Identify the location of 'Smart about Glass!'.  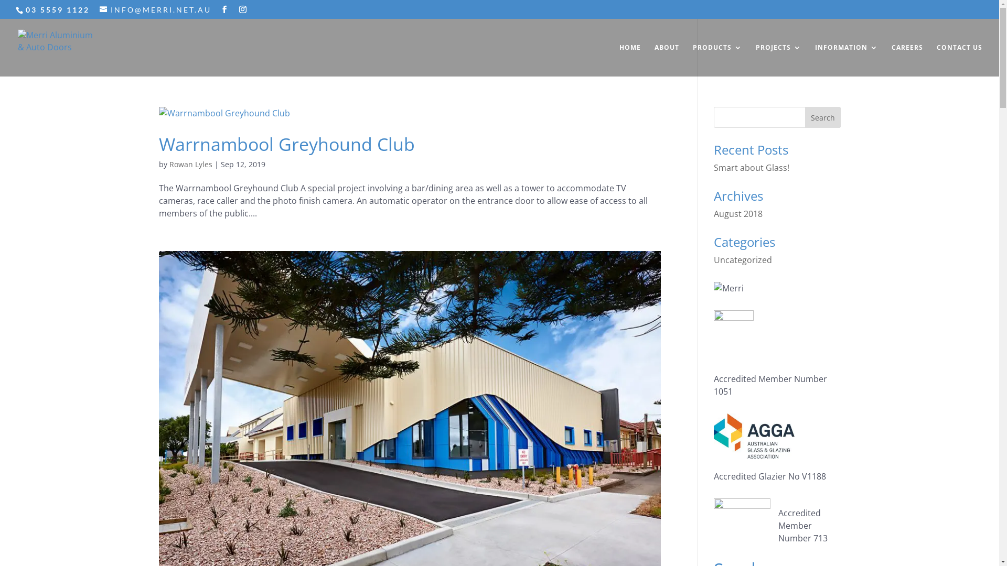
(751, 167).